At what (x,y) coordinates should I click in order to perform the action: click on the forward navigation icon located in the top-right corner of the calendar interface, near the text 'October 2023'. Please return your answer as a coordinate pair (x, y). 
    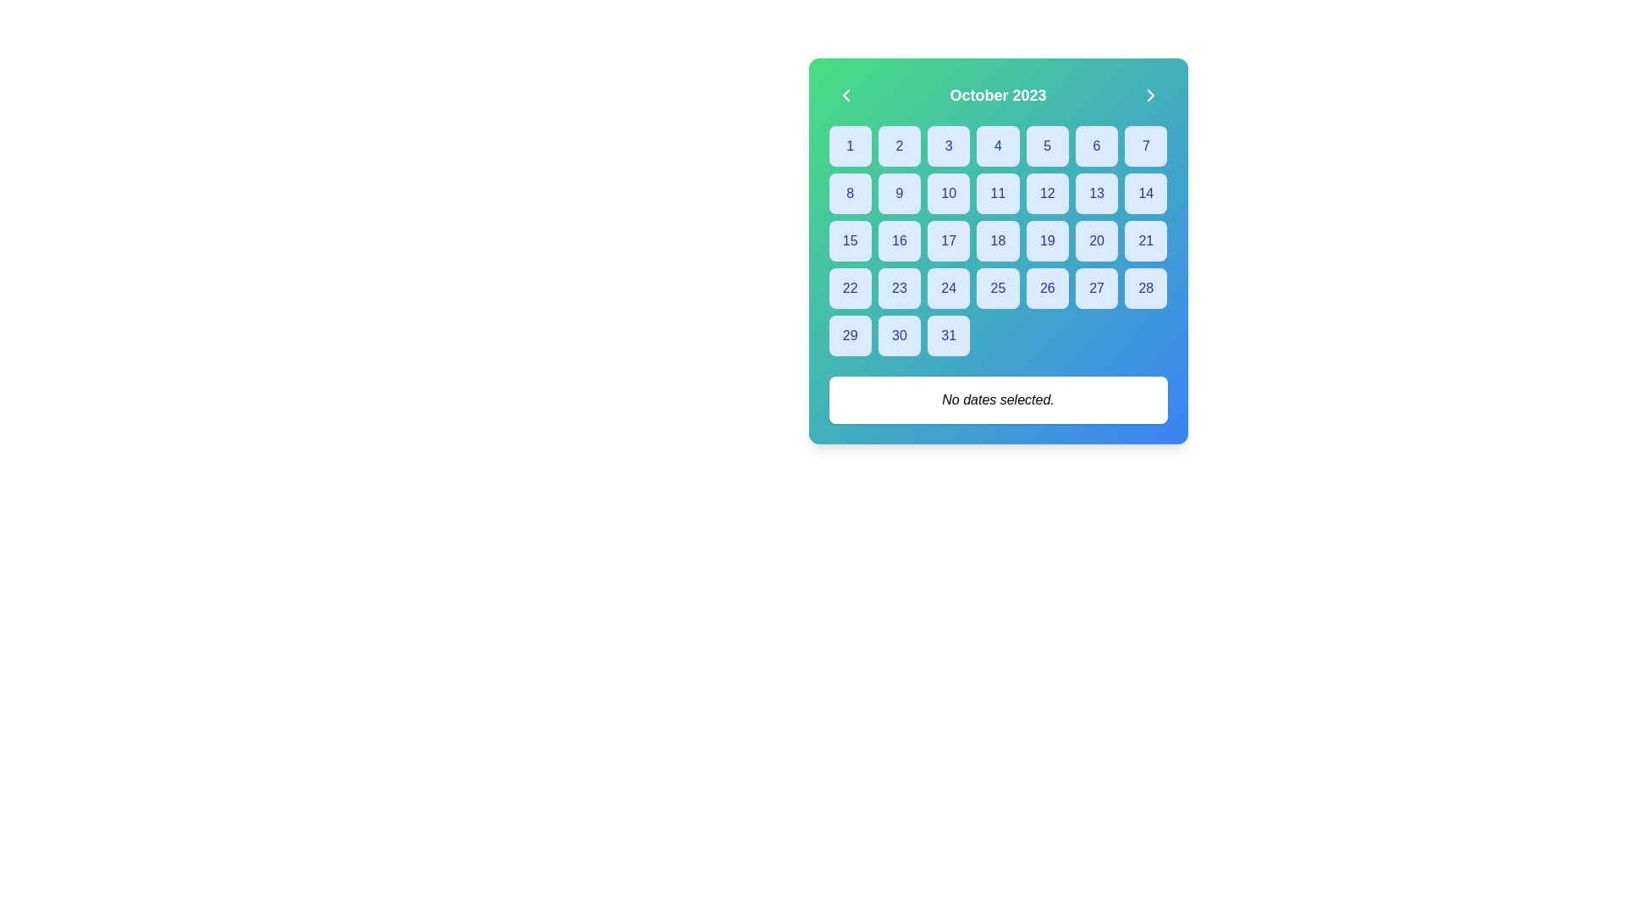
    Looking at the image, I should click on (1150, 95).